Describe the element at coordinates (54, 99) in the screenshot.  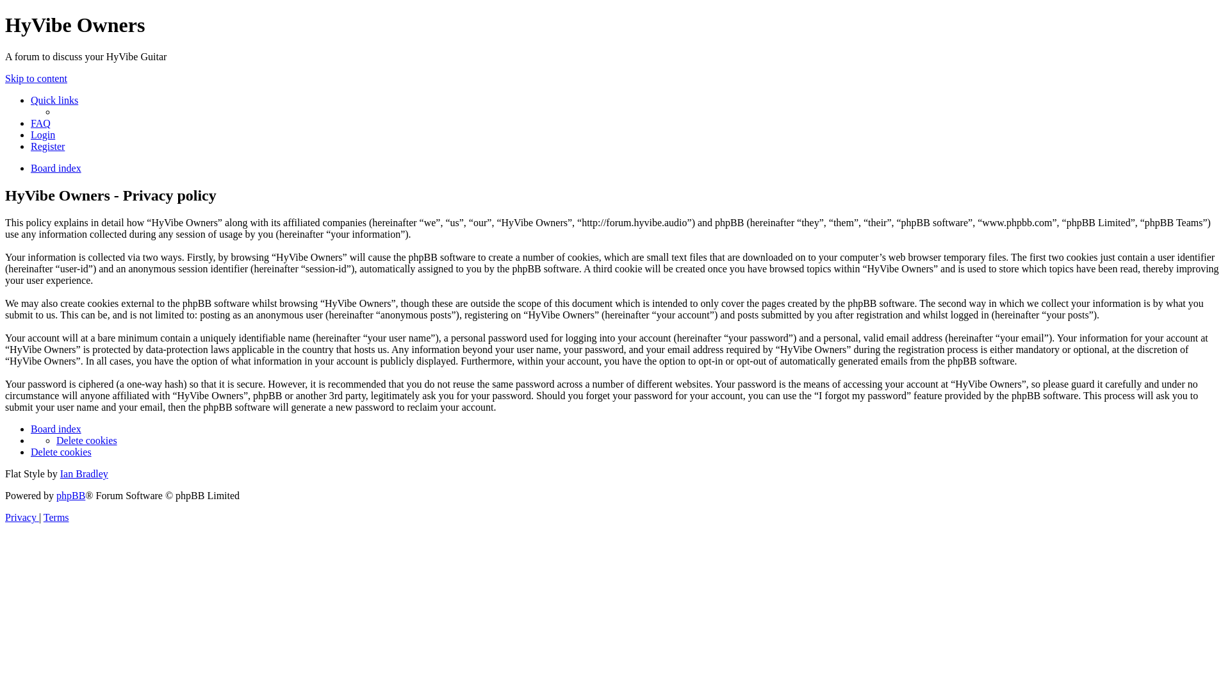
I see `'Quick links'` at that location.